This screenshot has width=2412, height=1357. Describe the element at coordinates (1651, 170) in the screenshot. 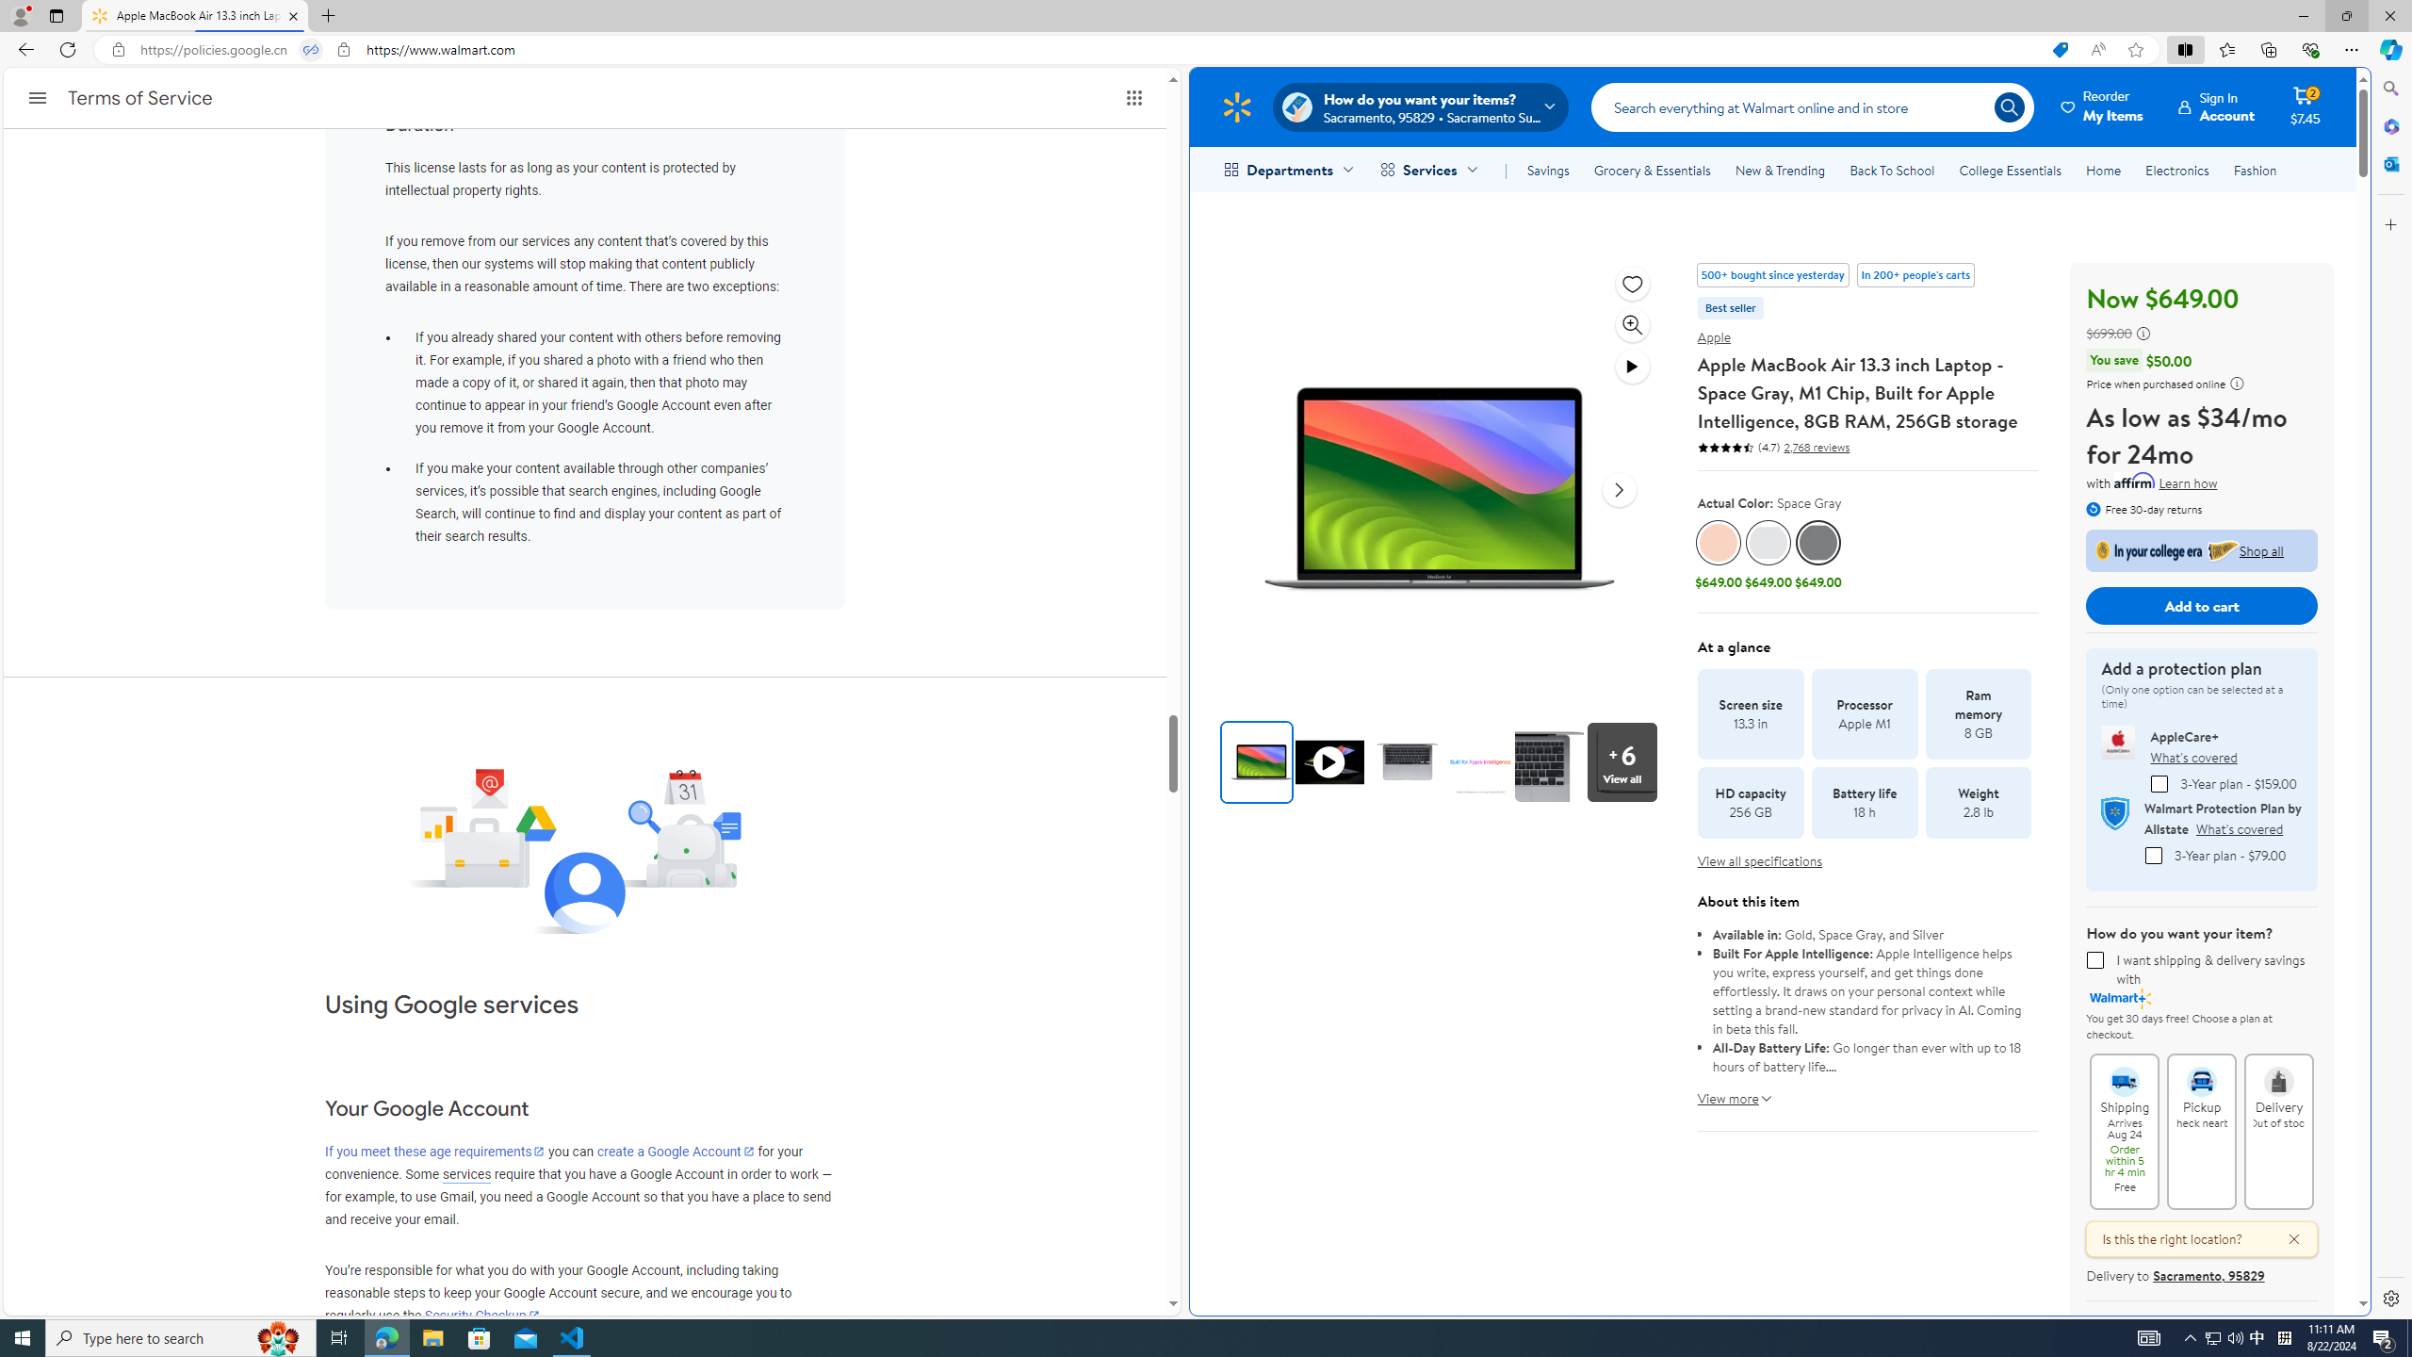

I see `'Grocery & Essentials'` at that location.